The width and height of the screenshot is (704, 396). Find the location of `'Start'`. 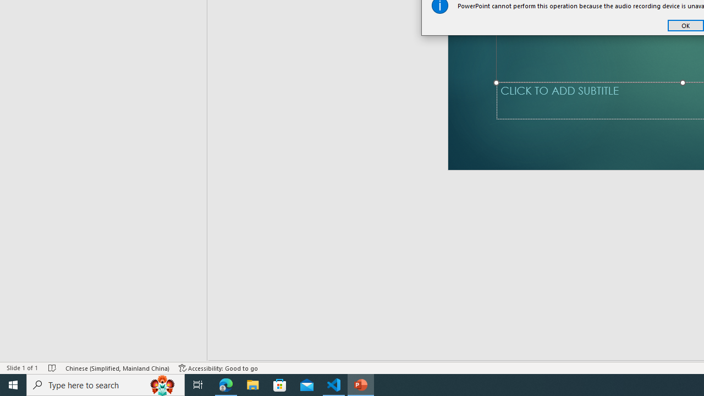

'Start' is located at coordinates (13, 384).